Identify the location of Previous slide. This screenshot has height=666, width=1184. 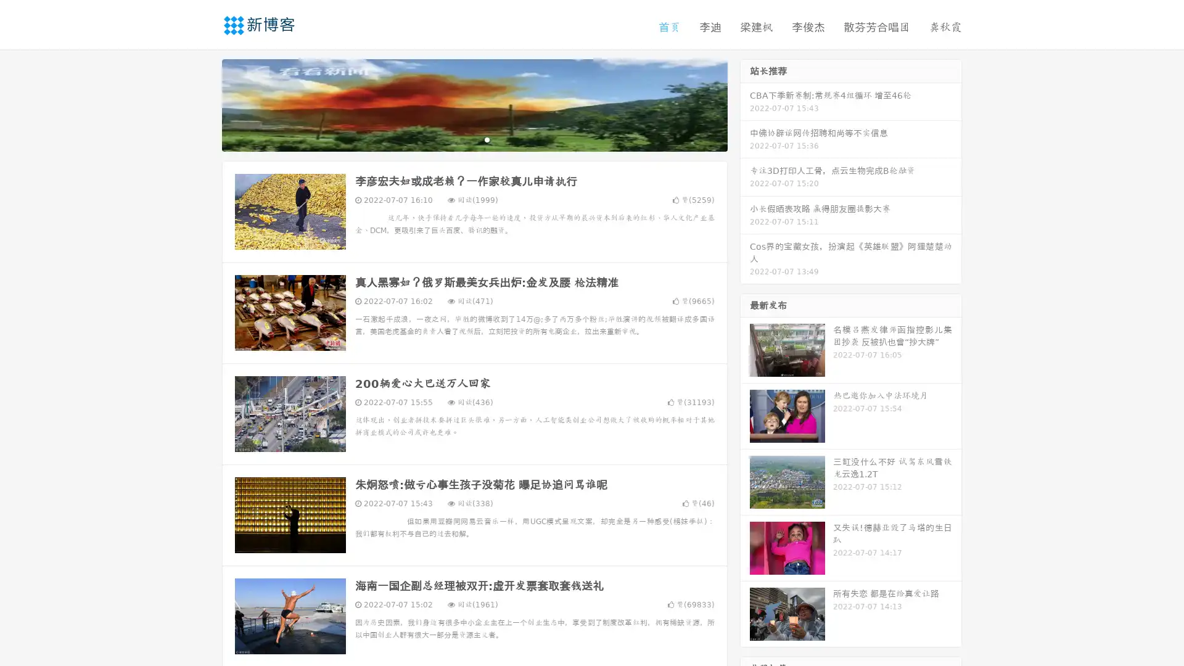
(203, 104).